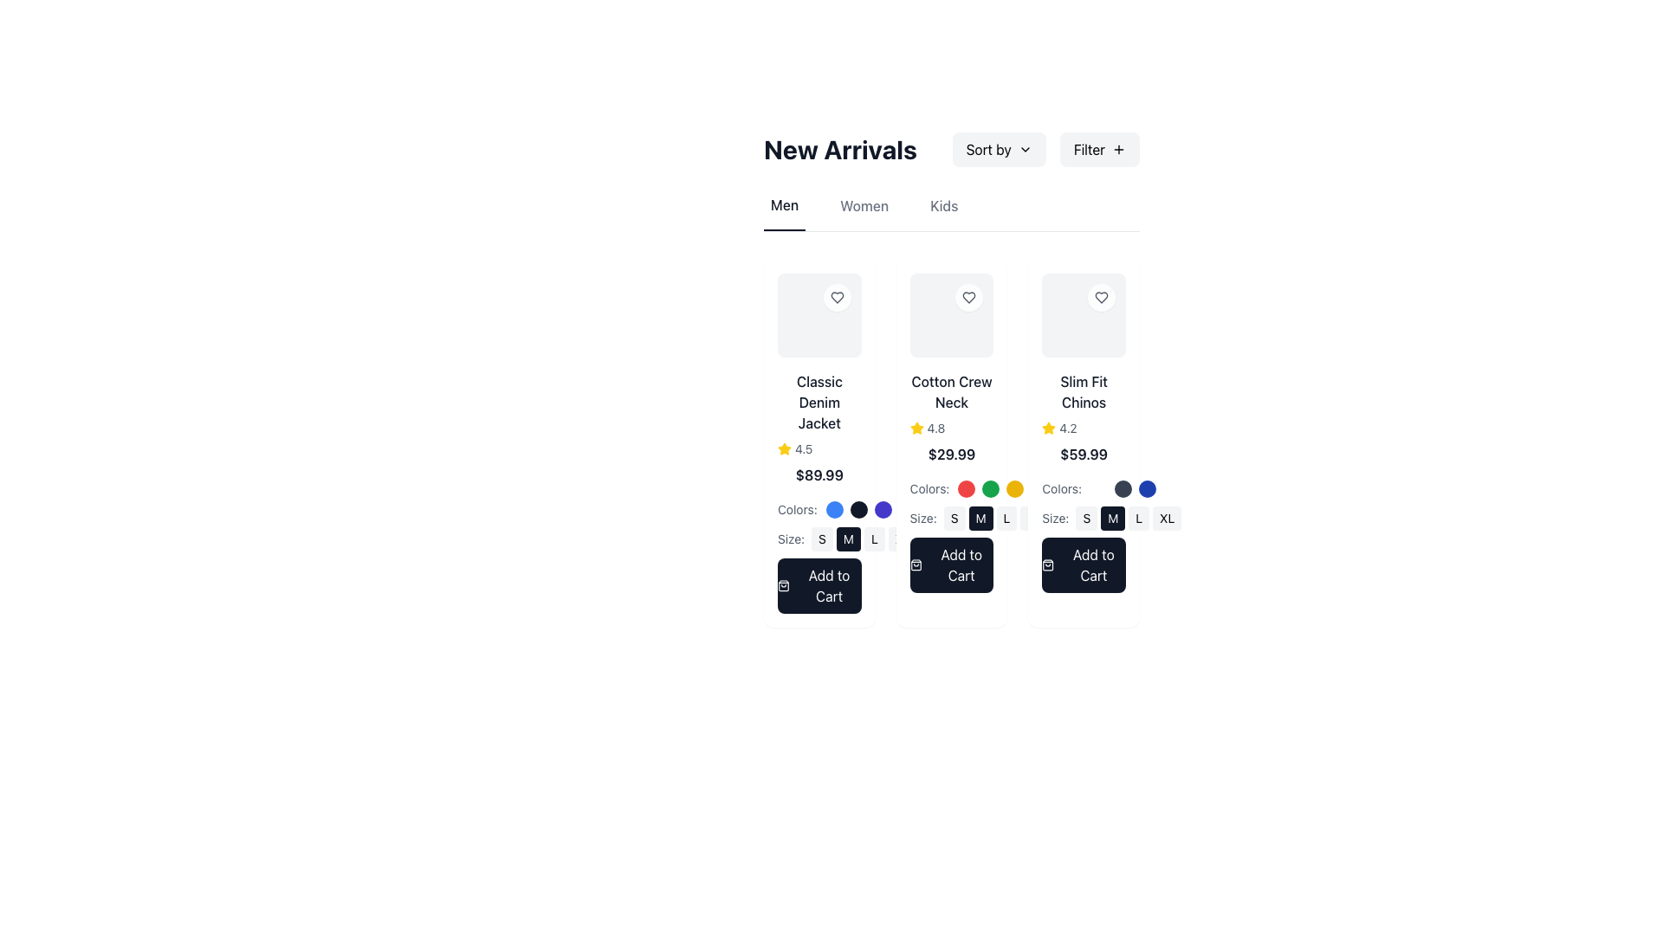 The width and height of the screenshot is (1663, 935). I want to click on the text label displaying the rating score for 'Slim Fit Chinos', located to the right of the yellow star icon in the rating section of the third product card in the 'New Arrivals' section, so click(1067, 428).